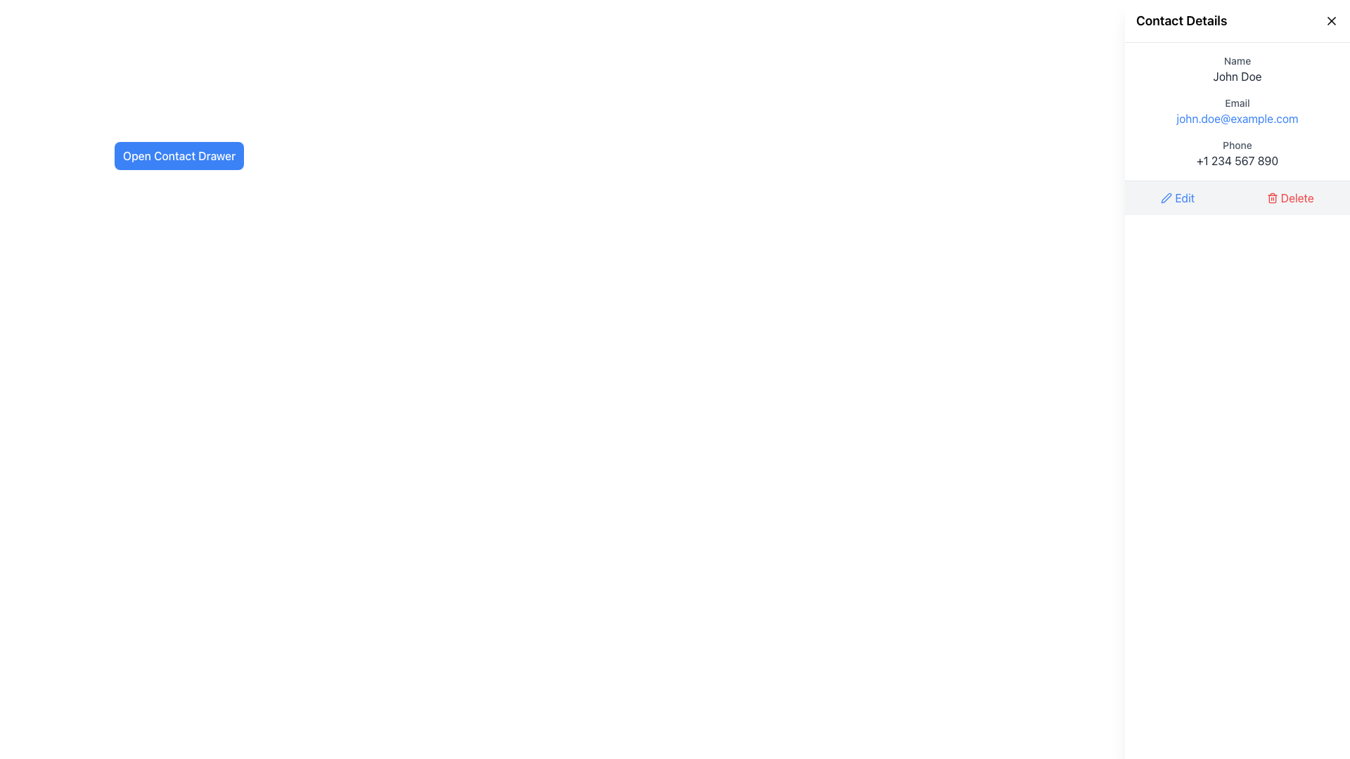  Describe the element at coordinates (1237, 160) in the screenshot. I see `the text label displaying the phone number '+1 234 567 890' which is located in the 'Contact Details' section, immediately below the 'Phone' label` at that location.